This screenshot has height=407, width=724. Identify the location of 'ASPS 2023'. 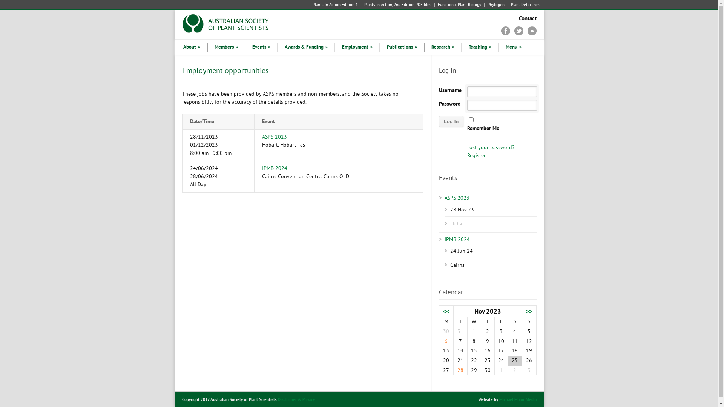
(262, 136).